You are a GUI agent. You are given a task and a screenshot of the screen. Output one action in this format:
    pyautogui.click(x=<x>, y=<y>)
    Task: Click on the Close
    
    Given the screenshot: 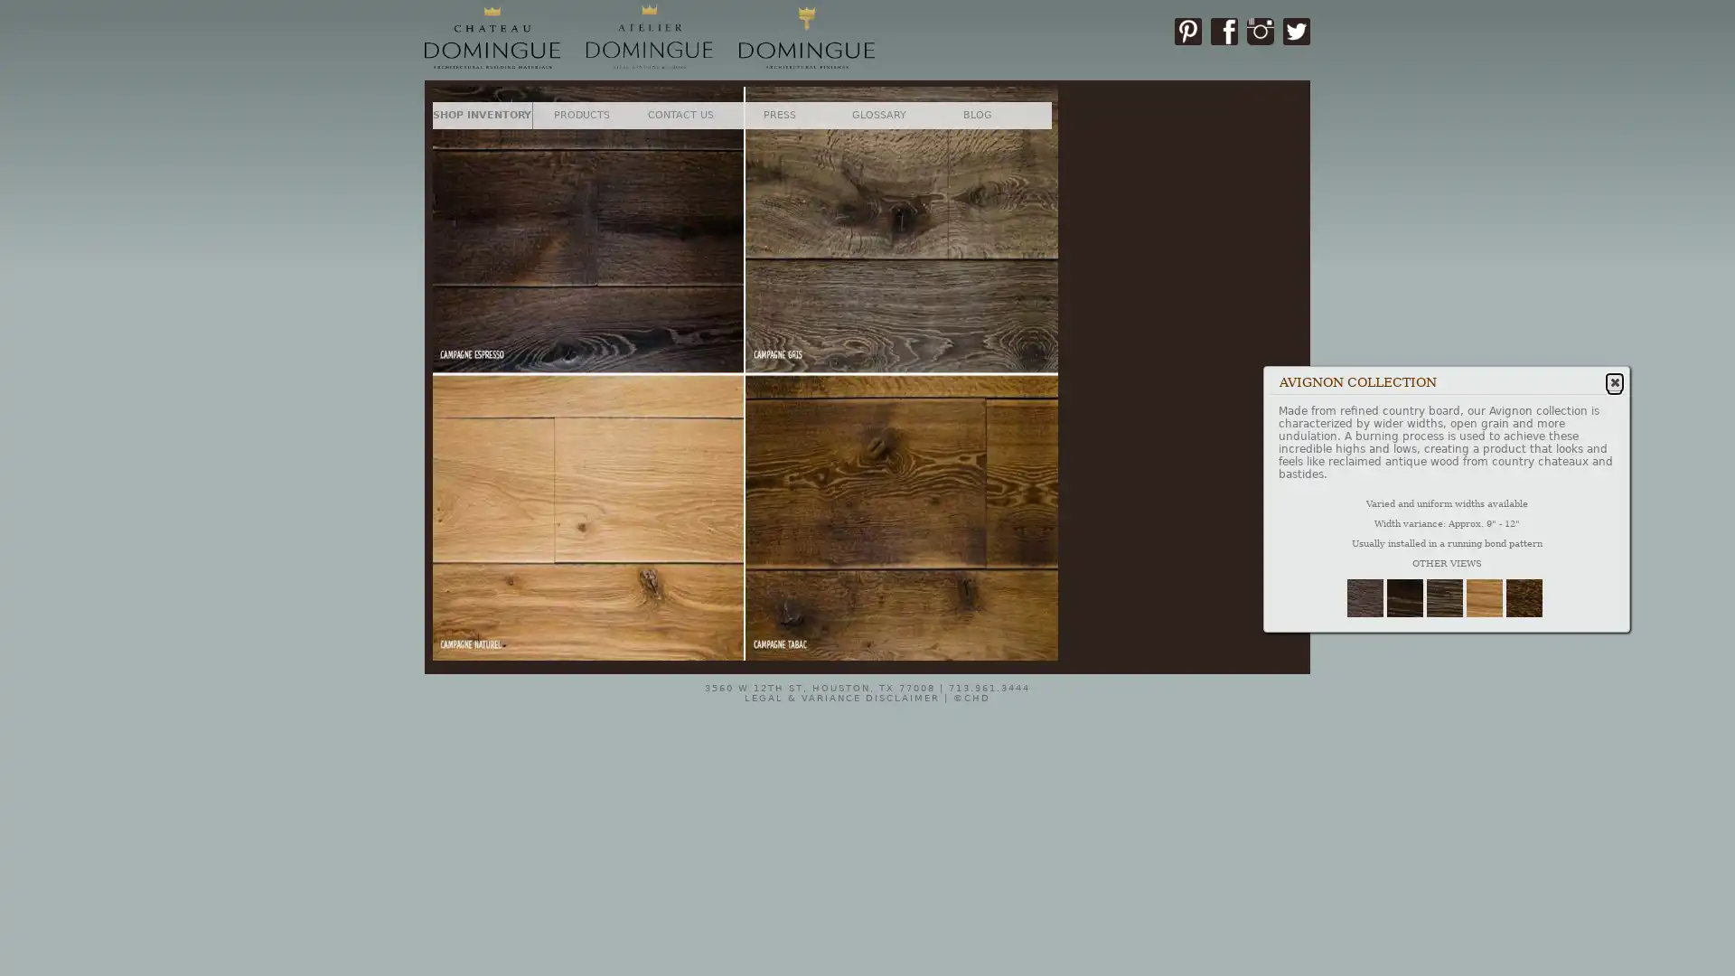 What is the action you would take?
    pyautogui.click(x=572, y=138)
    